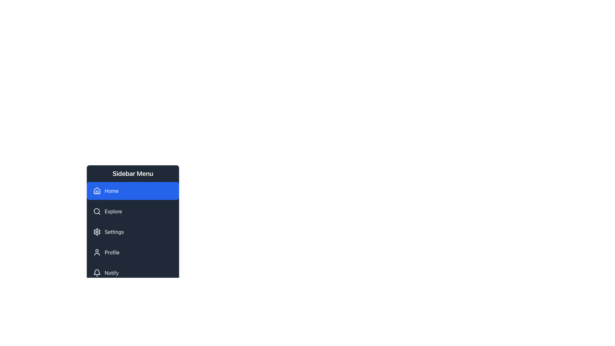 Image resolution: width=615 pixels, height=346 pixels. Describe the element at coordinates (96, 273) in the screenshot. I see `the bell-shaped notification icon outlined in white on a dark blue background, located at the far left end of the 'Notify' option in the sidebar menu` at that location.